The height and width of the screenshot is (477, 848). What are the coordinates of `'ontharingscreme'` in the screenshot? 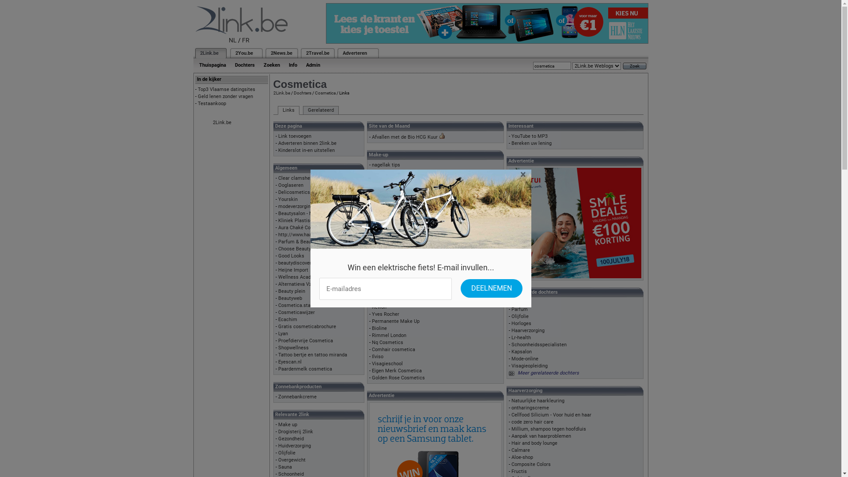 It's located at (530, 408).